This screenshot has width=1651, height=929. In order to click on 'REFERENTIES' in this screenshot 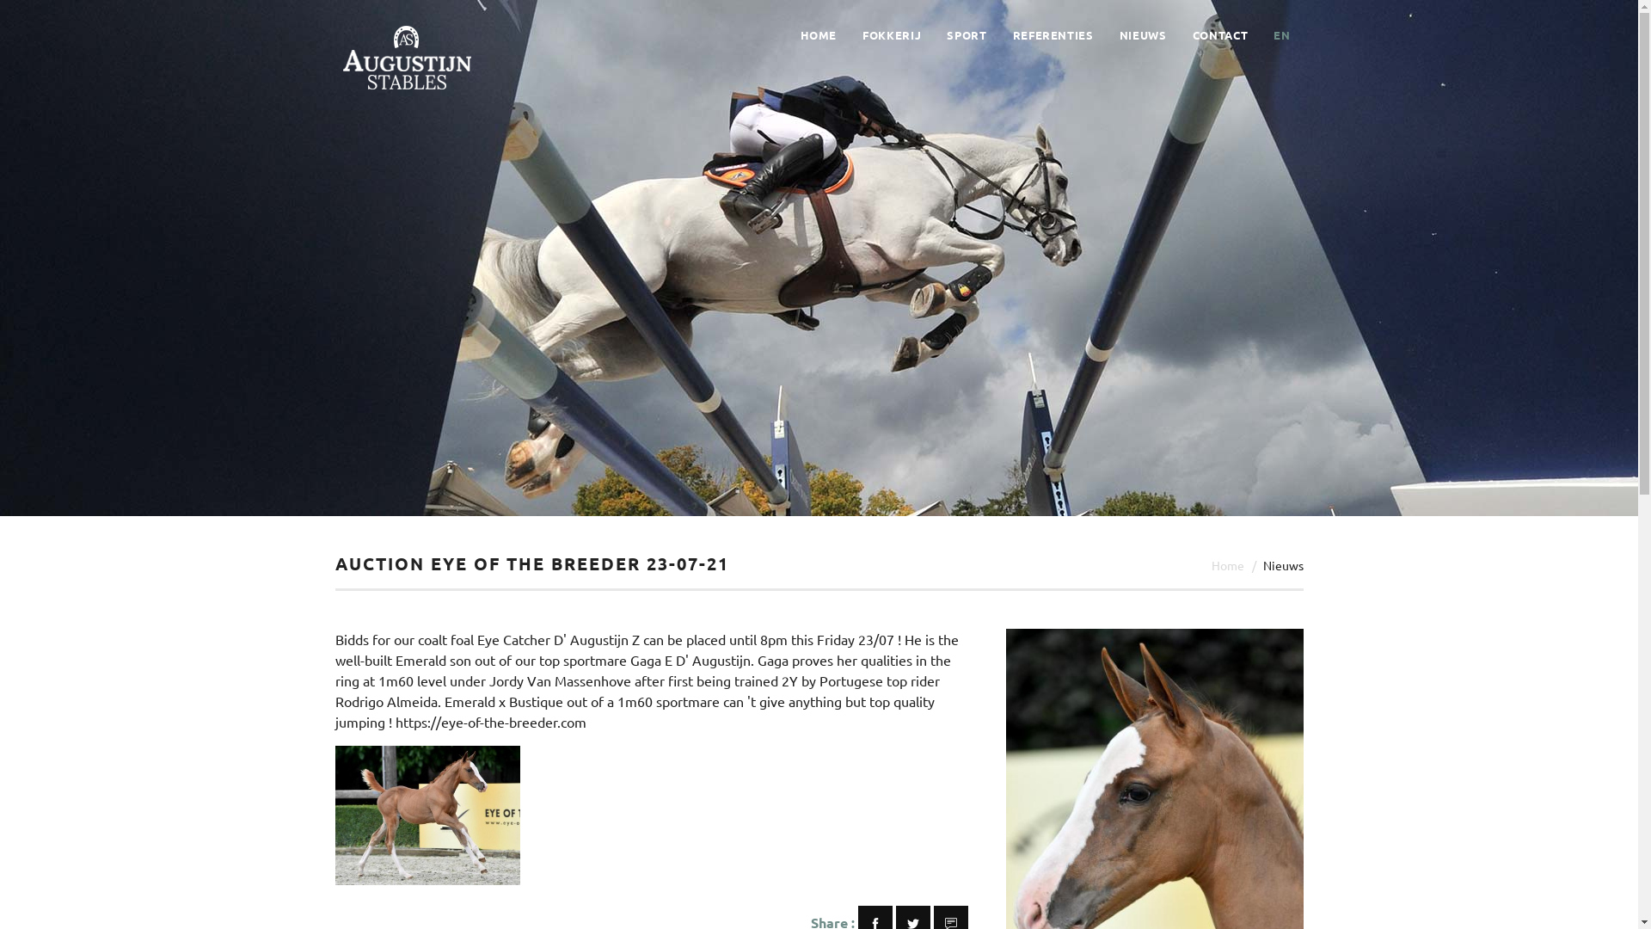, I will do `click(1052, 35)`.